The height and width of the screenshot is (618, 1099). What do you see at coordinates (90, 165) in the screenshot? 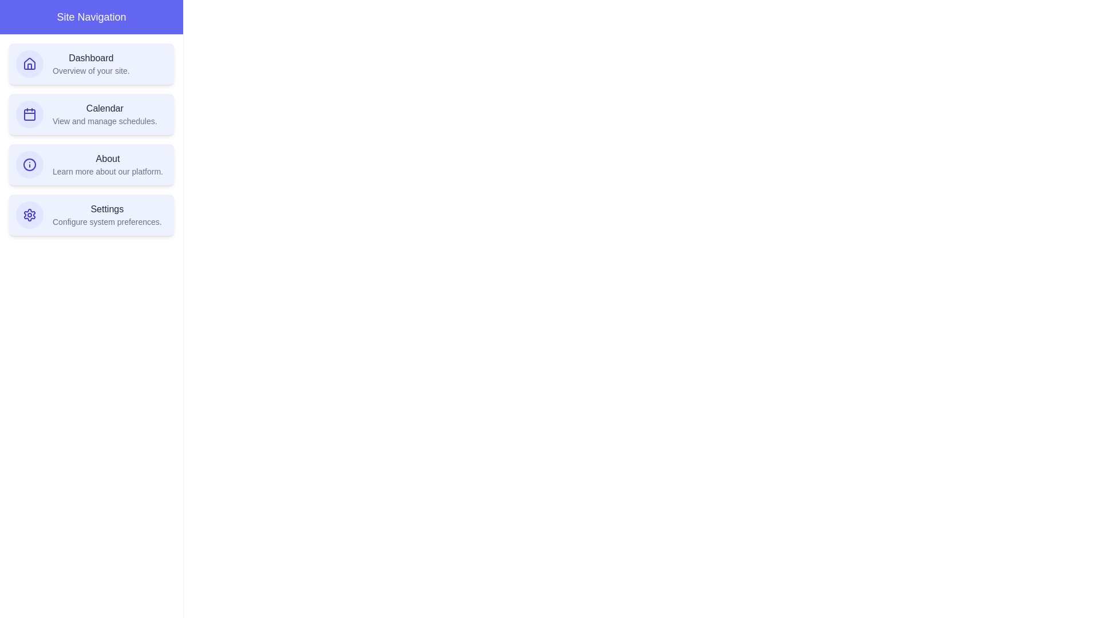
I see `the navigation item About to observe its hover state` at bounding box center [90, 165].